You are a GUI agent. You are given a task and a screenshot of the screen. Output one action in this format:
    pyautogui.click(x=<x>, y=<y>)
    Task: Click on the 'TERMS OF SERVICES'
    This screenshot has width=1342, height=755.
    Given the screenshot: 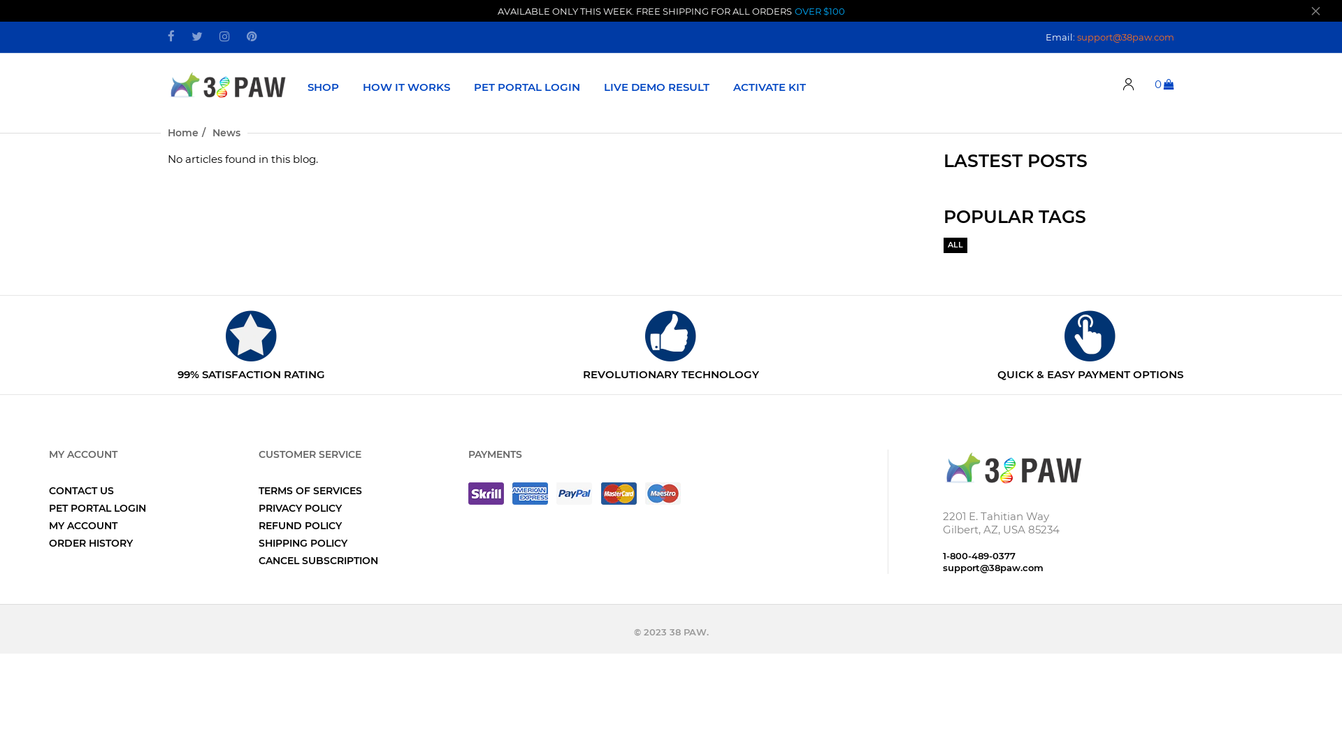 What is the action you would take?
    pyautogui.click(x=310, y=490)
    